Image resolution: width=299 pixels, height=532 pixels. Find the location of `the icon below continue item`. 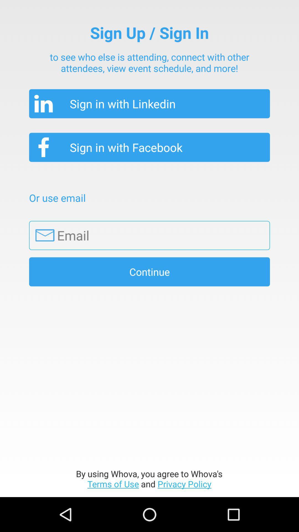

the icon below continue item is located at coordinates (149, 479).